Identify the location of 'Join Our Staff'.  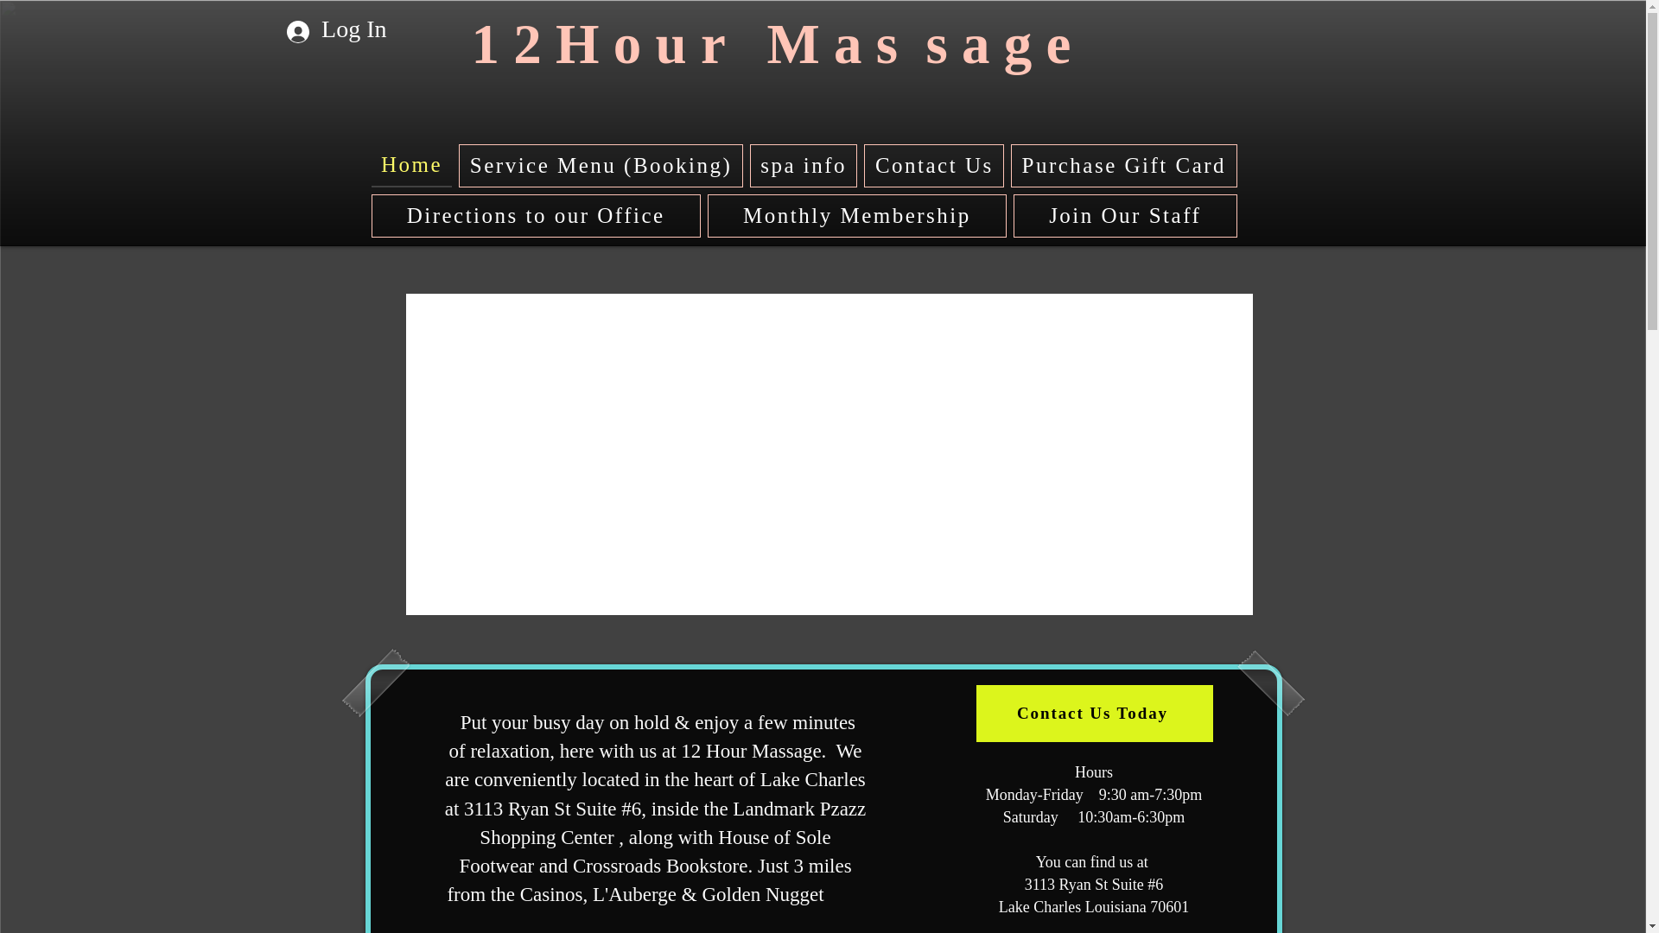
(1125, 215).